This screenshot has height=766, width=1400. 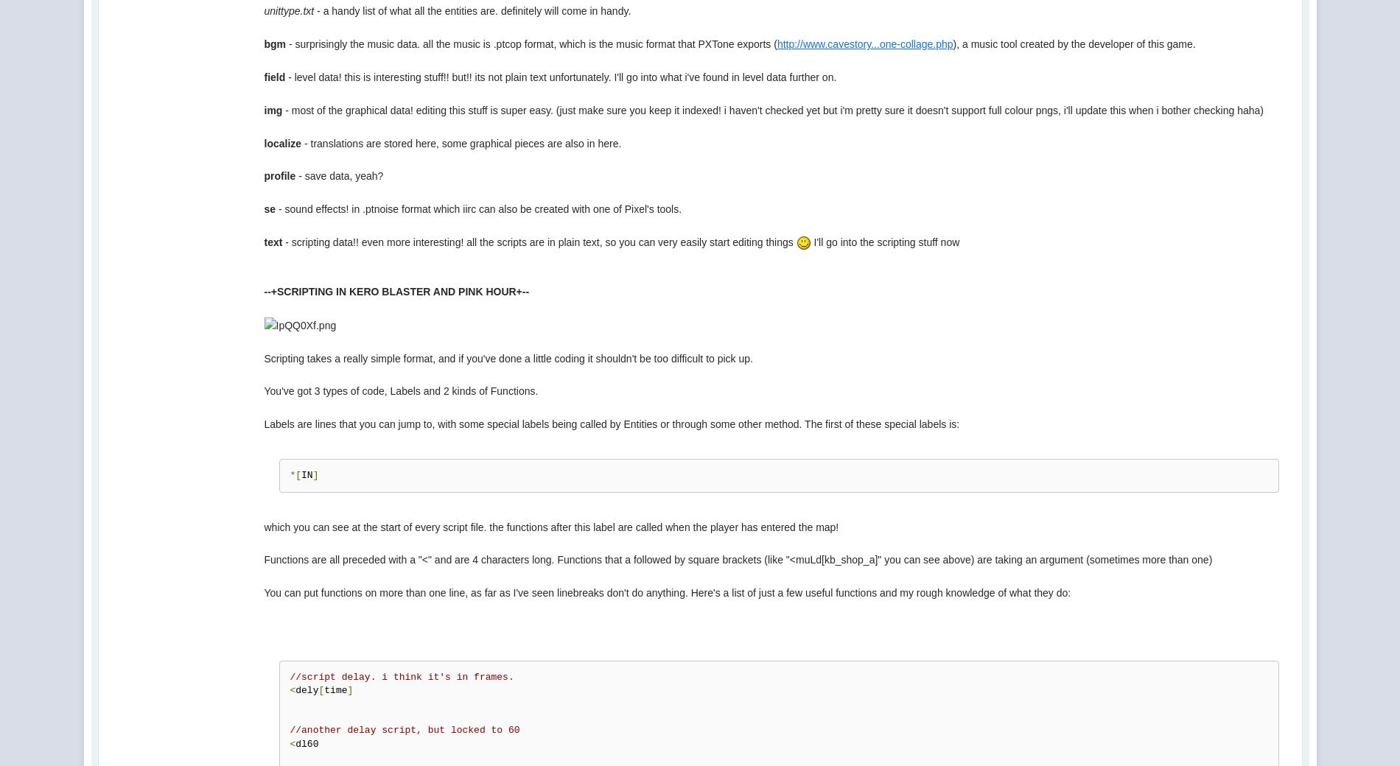 I want to click on 'dl60', so click(x=306, y=743).